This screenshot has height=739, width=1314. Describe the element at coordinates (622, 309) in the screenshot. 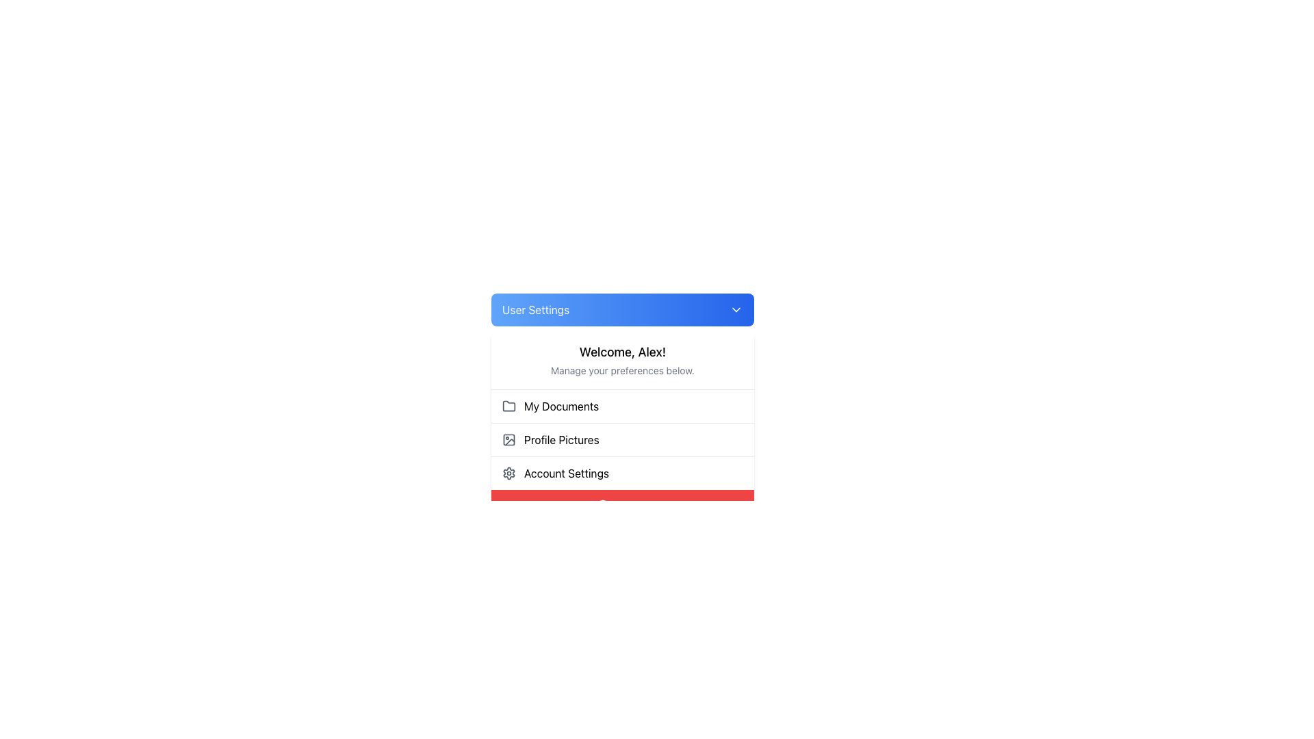

I see `the 'User Settings' button` at that location.